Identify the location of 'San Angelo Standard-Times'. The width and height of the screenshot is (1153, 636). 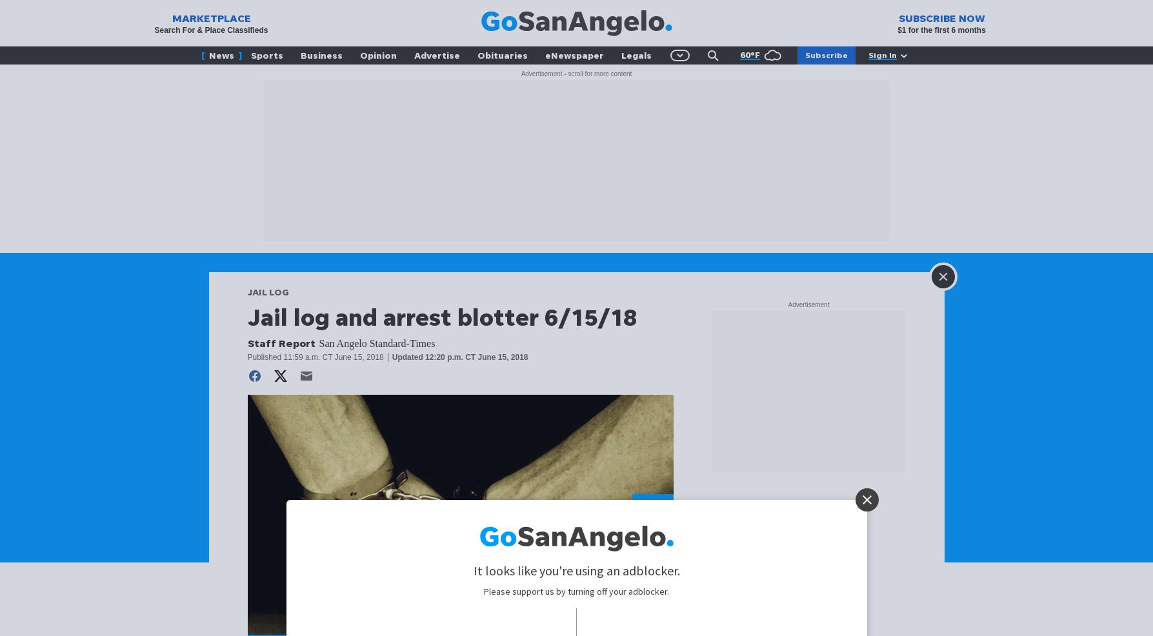
(376, 343).